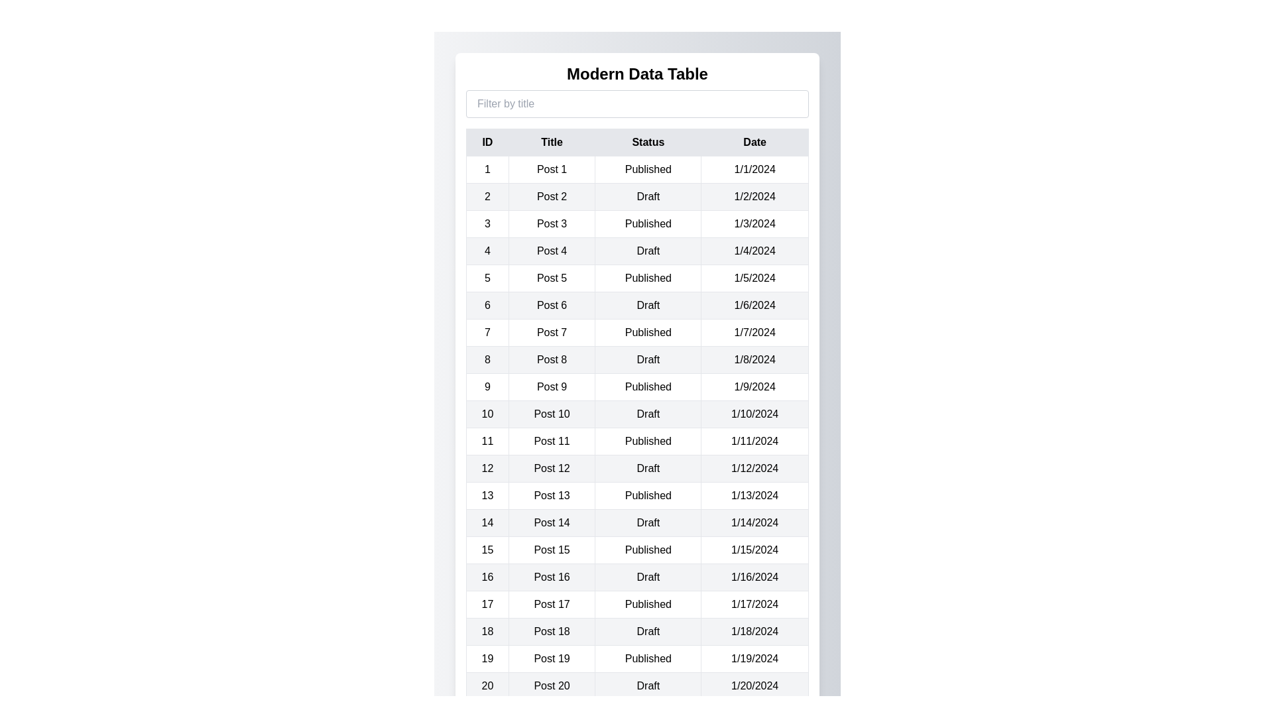 The image size is (1273, 716). I want to click on the text 'Post 1' in the table, so click(551, 168).